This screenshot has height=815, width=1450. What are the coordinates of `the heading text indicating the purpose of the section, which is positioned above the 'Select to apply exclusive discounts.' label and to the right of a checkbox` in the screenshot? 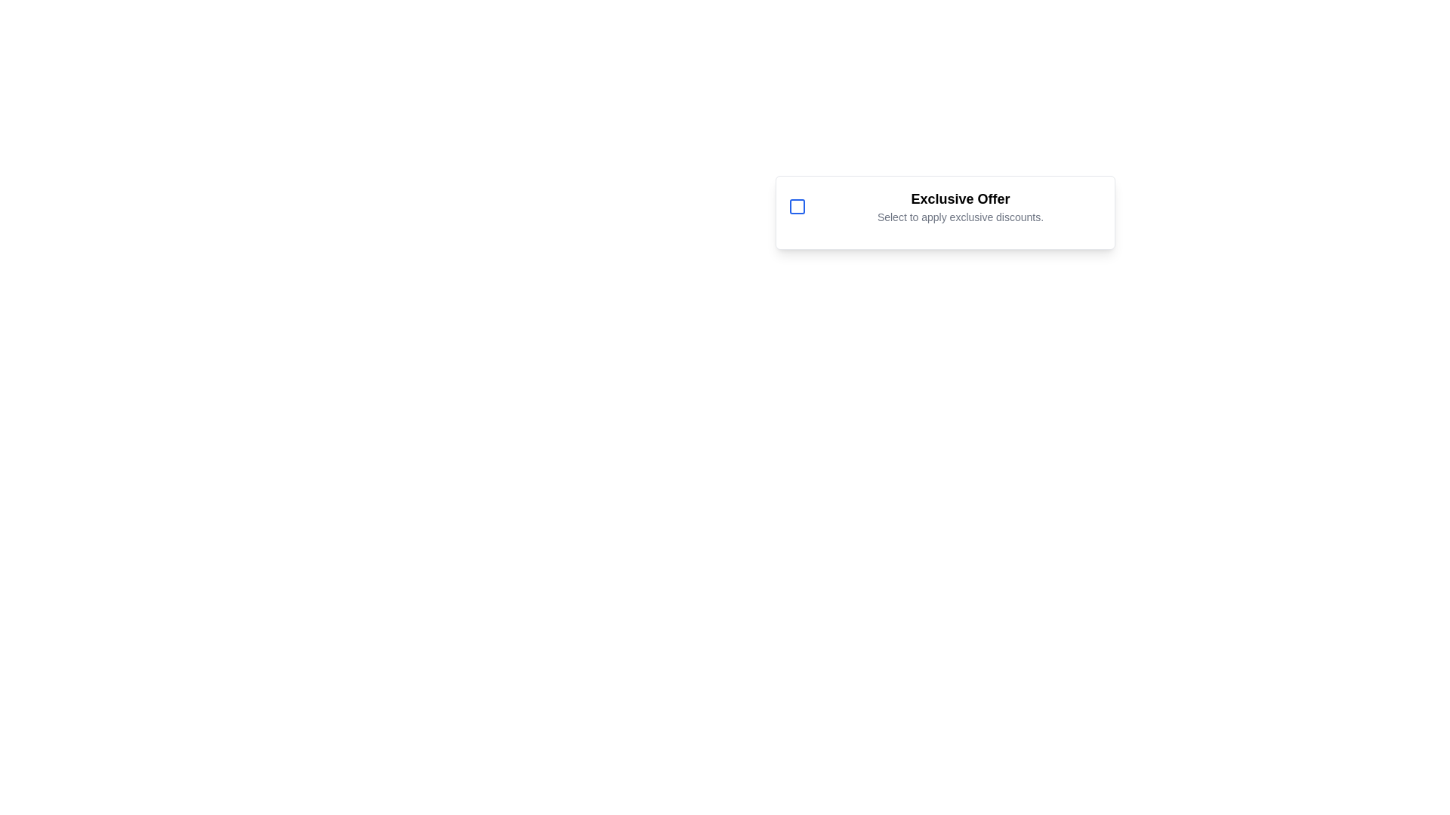 It's located at (960, 198).